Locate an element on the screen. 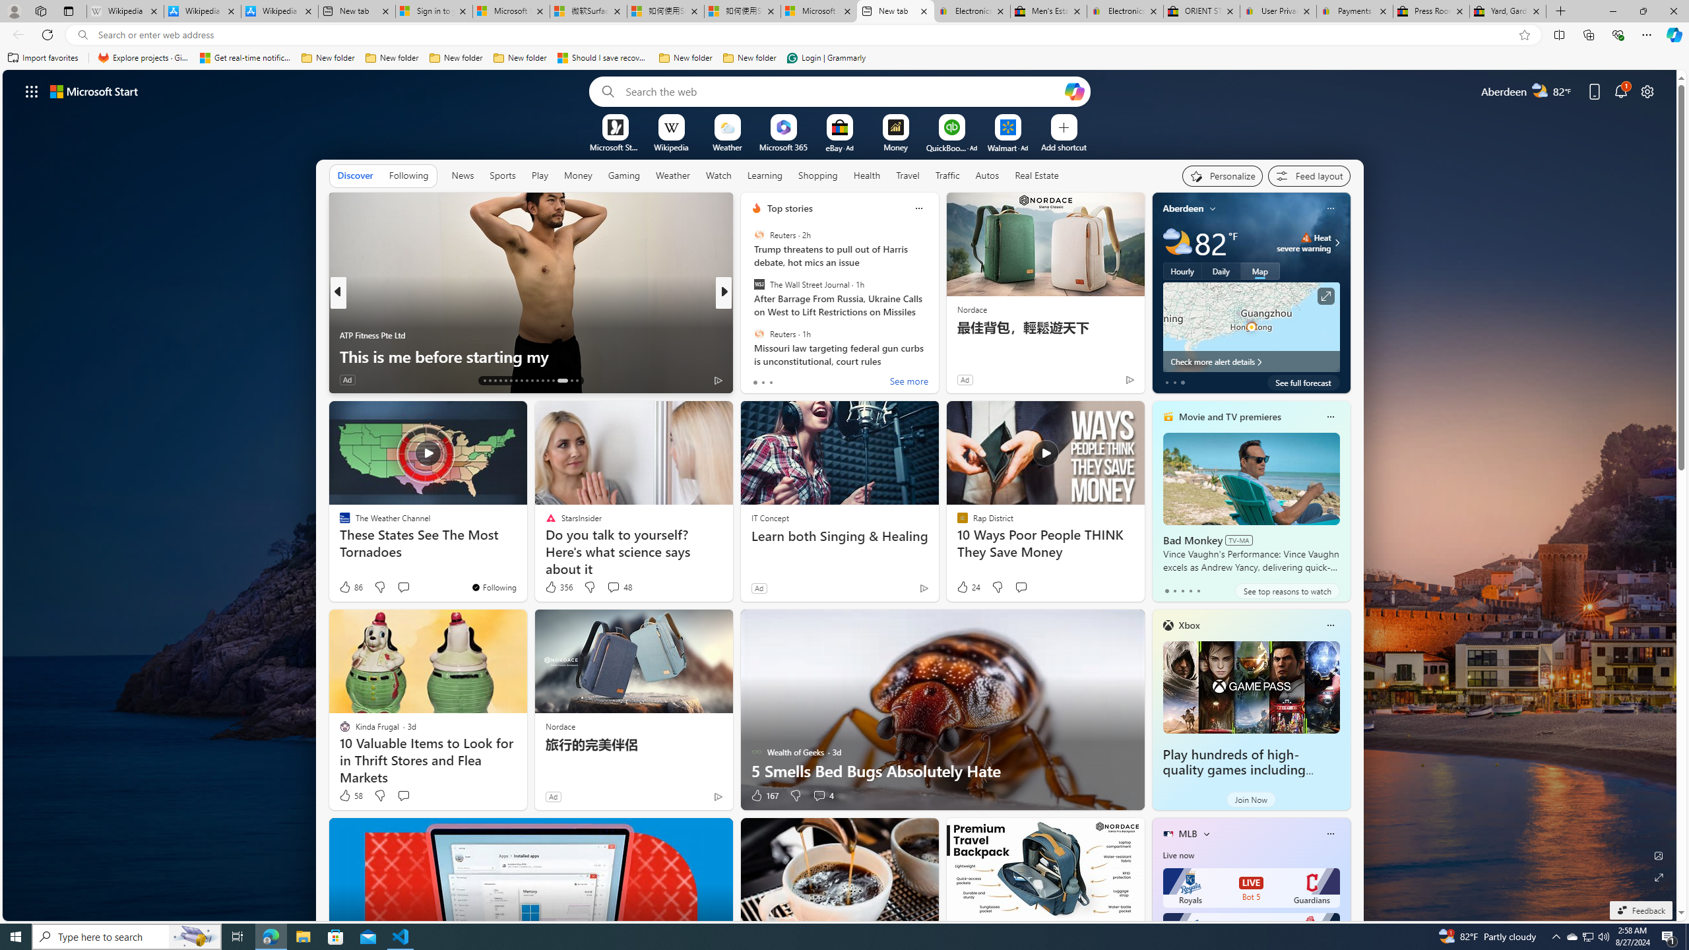  'Learning' is located at coordinates (763, 174).